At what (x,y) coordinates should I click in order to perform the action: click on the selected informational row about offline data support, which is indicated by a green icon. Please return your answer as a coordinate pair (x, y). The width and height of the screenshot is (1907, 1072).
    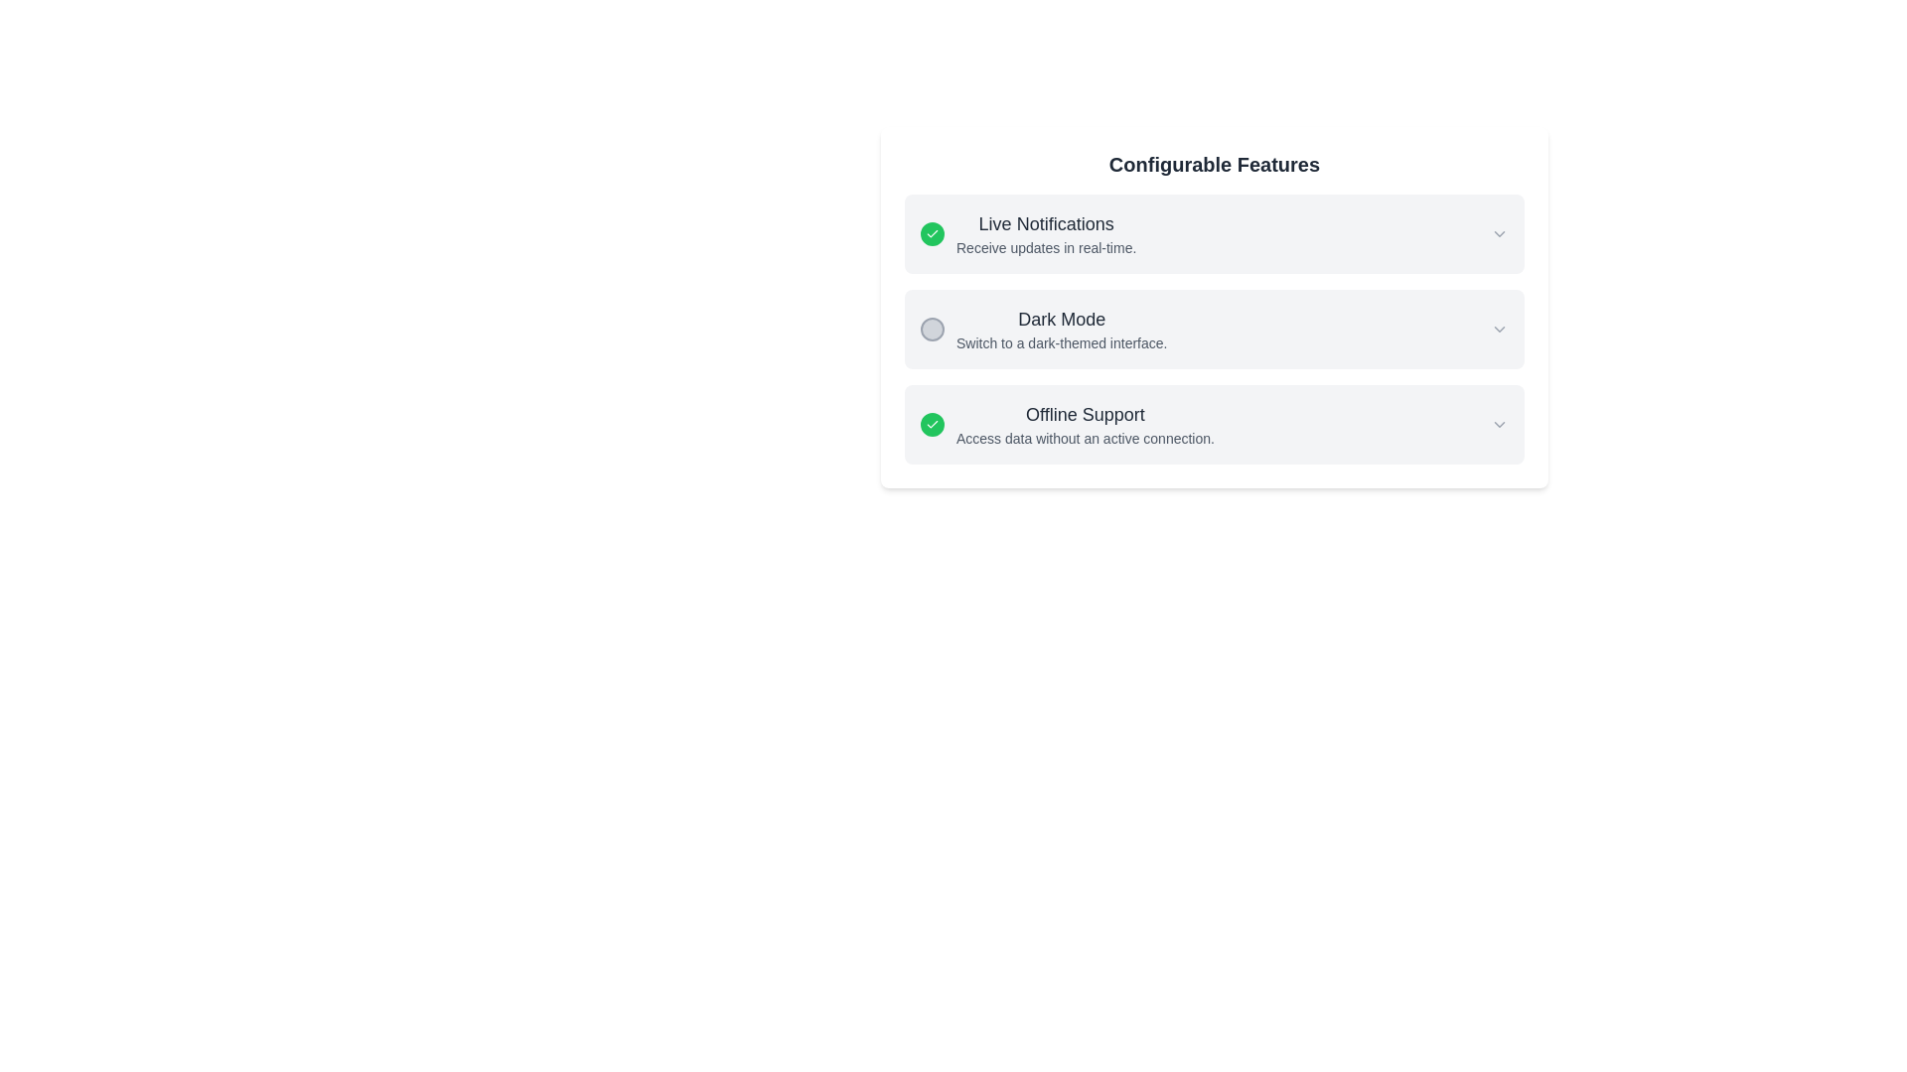
    Looking at the image, I should click on (1067, 424).